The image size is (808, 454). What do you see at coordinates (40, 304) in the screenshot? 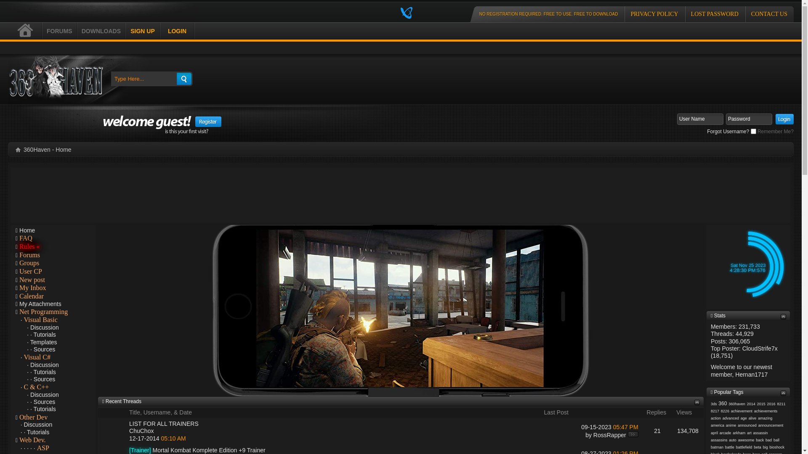
I see `'My Attachments'` at bounding box center [40, 304].